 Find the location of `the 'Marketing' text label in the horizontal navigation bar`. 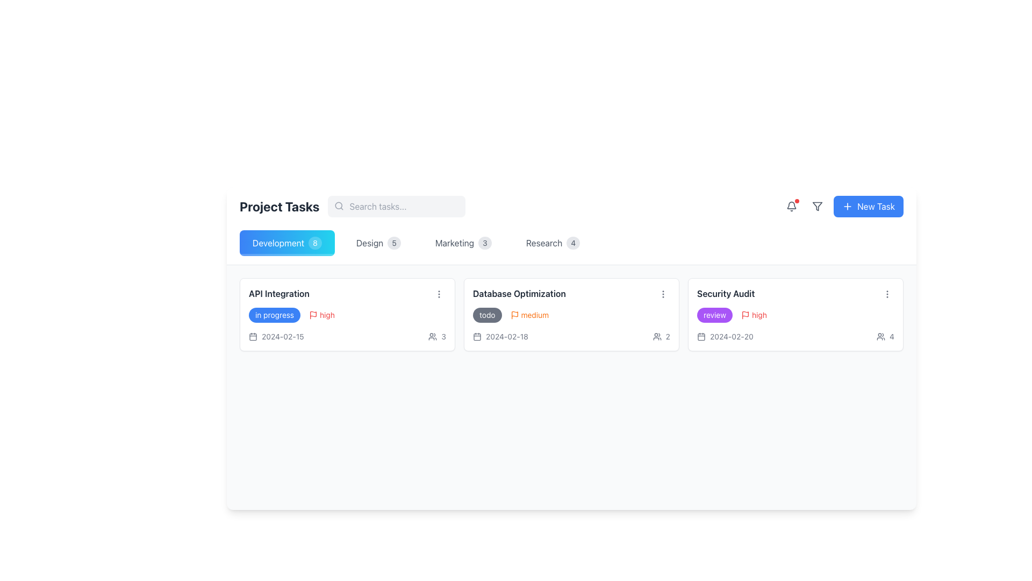

the 'Marketing' text label in the horizontal navigation bar is located at coordinates (454, 243).